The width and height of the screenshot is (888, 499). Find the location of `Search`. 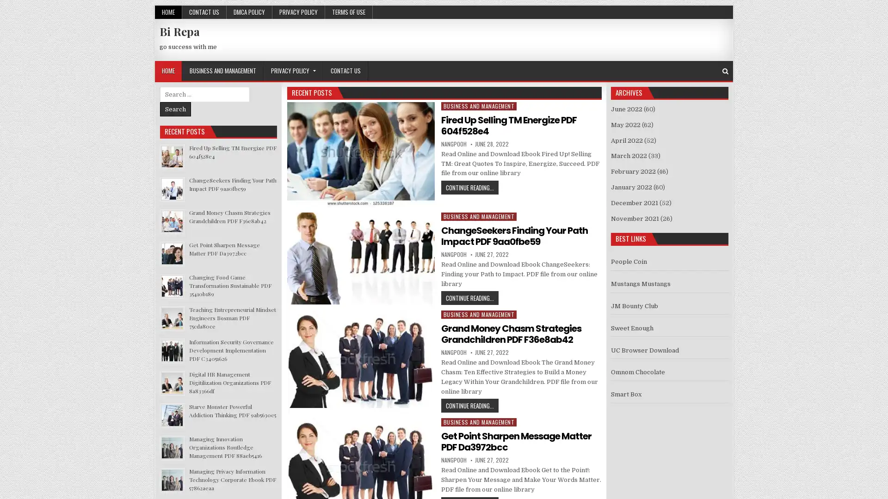

Search is located at coordinates (175, 109).